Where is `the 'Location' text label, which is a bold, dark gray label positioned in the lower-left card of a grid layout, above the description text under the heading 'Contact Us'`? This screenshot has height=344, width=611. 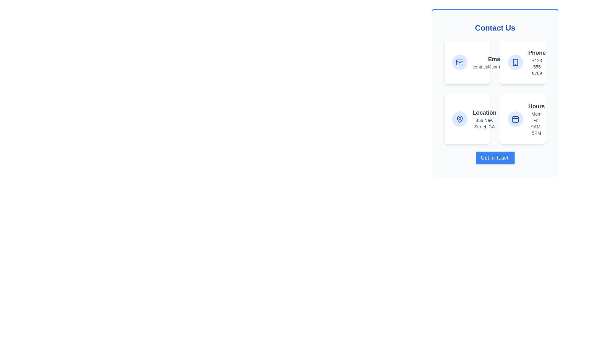 the 'Location' text label, which is a bold, dark gray label positioned in the lower-left card of a grid layout, above the description text under the heading 'Contact Us' is located at coordinates (484, 112).